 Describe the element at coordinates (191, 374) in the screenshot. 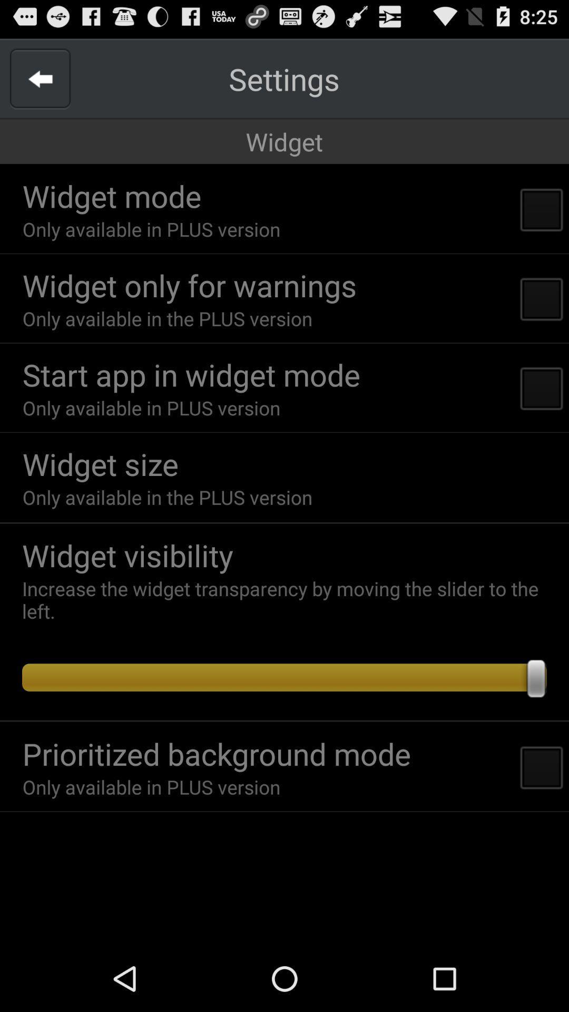

I see `the icon above only available in icon` at that location.